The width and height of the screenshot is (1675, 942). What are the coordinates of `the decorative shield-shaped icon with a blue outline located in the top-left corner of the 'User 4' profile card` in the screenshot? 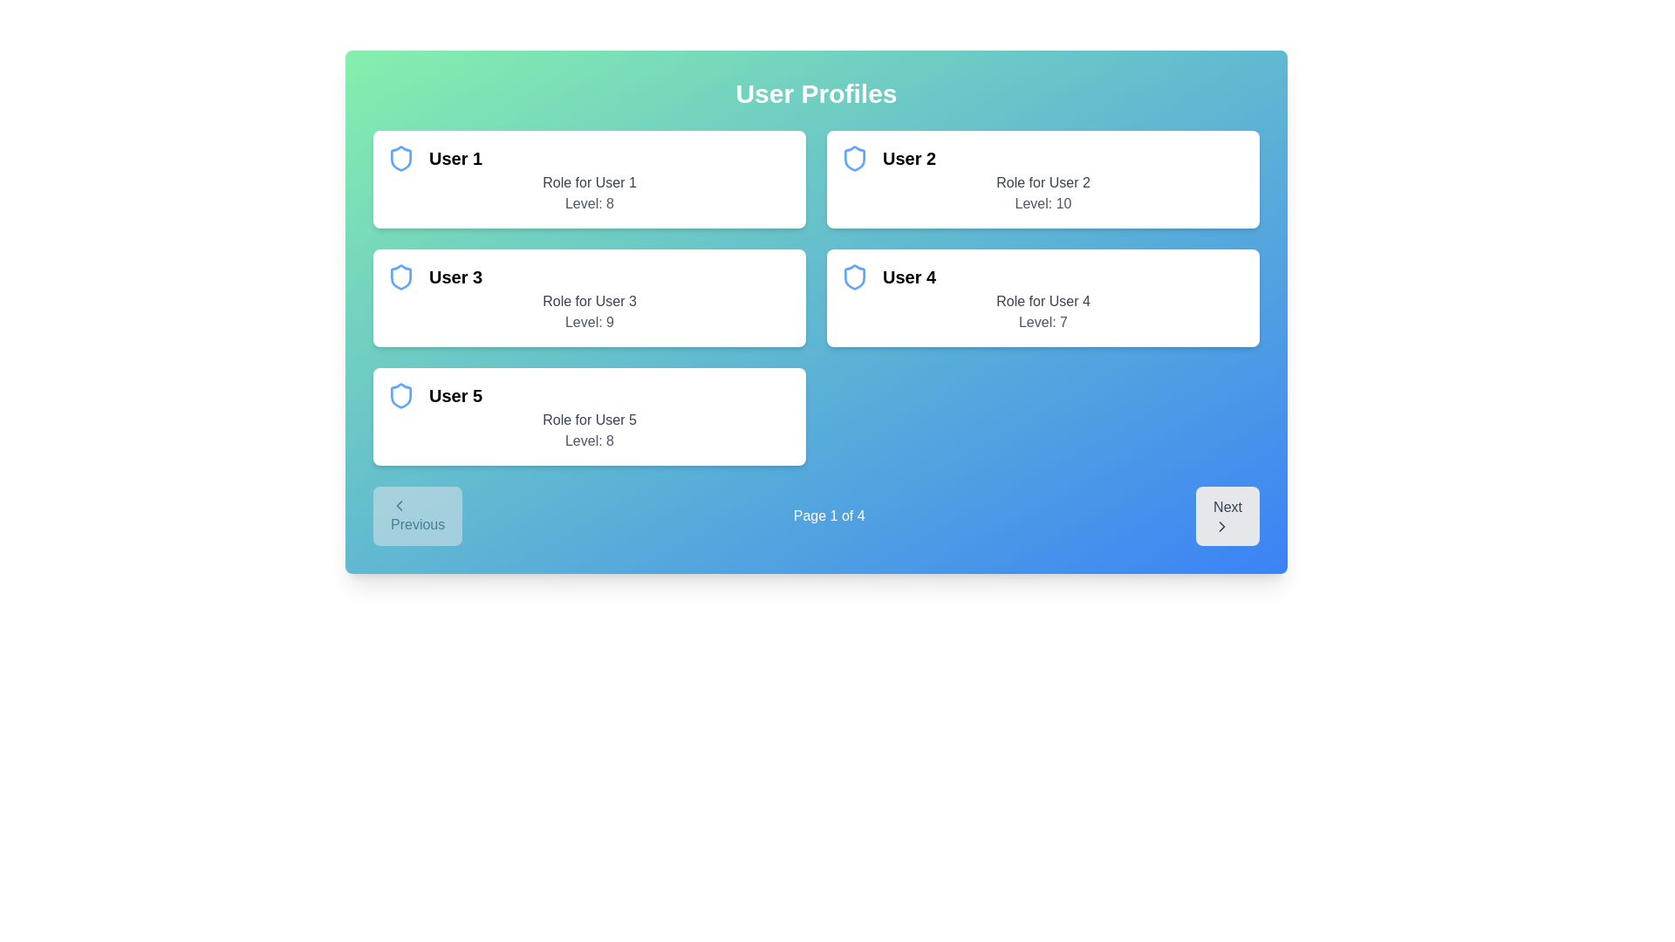 It's located at (854, 276).